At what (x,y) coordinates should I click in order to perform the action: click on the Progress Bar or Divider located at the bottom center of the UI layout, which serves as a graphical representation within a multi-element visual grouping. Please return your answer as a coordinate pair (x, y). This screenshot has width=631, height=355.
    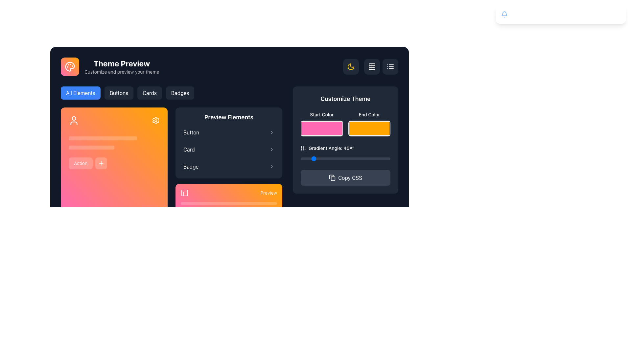
    Looking at the image, I should click on (229, 203).